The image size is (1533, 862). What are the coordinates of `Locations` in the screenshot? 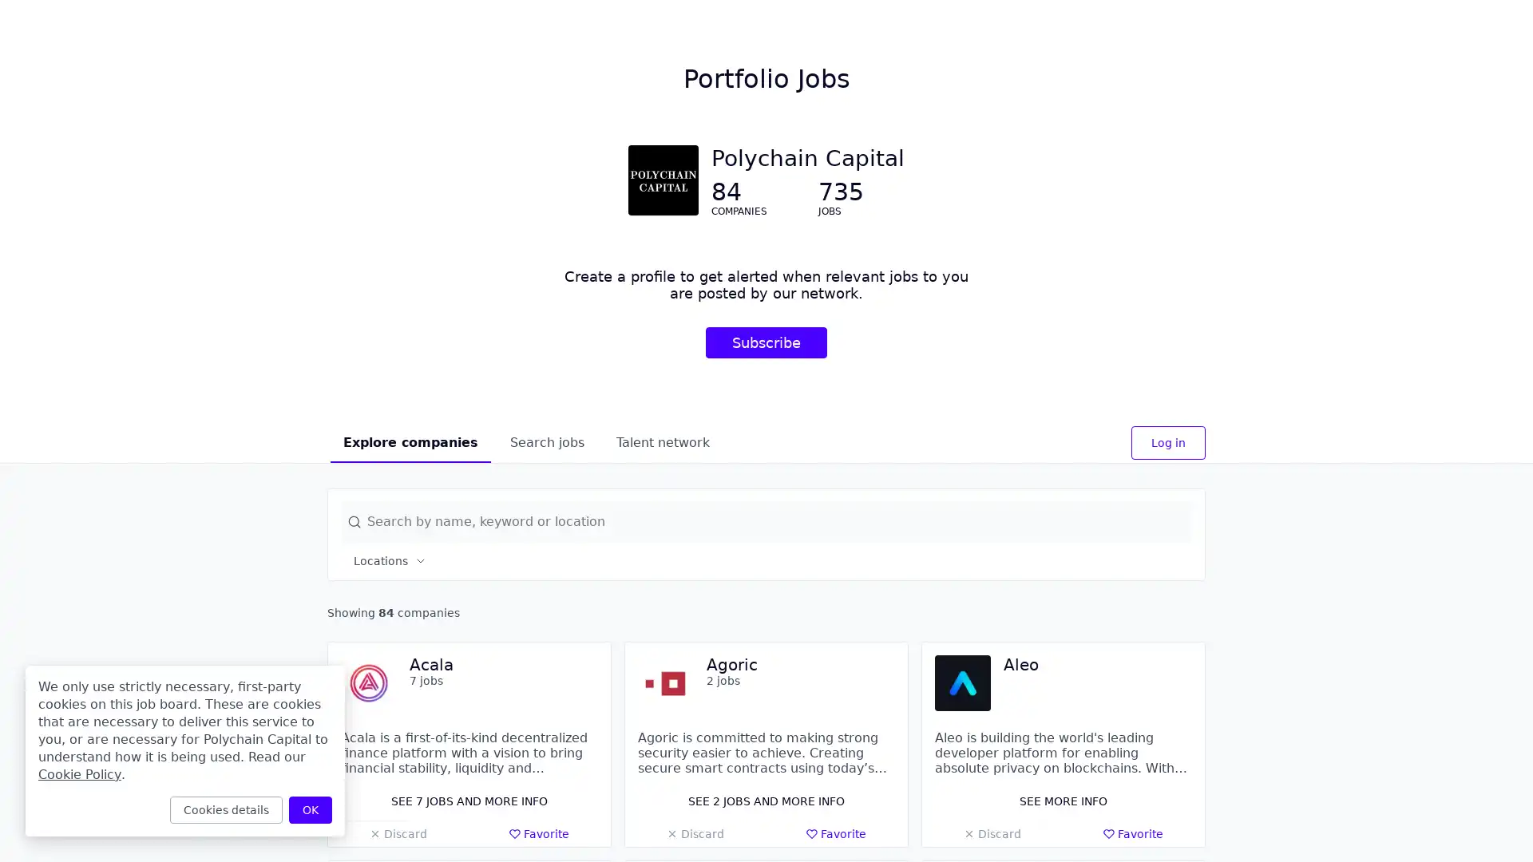 It's located at (390, 560).